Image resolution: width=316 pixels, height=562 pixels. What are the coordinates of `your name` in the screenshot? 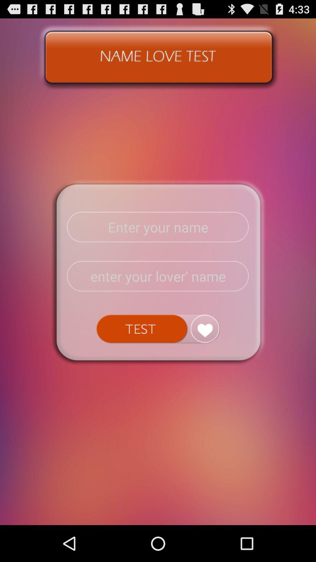 It's located at (158, 227).